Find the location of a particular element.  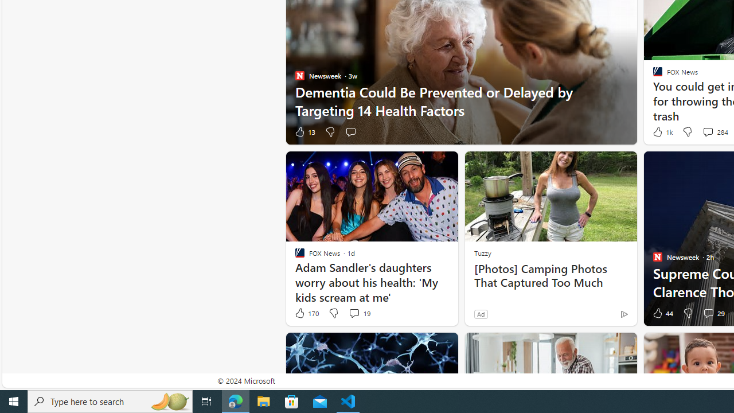

'View comments 284 Comment' is located at coordinates (714, 131).